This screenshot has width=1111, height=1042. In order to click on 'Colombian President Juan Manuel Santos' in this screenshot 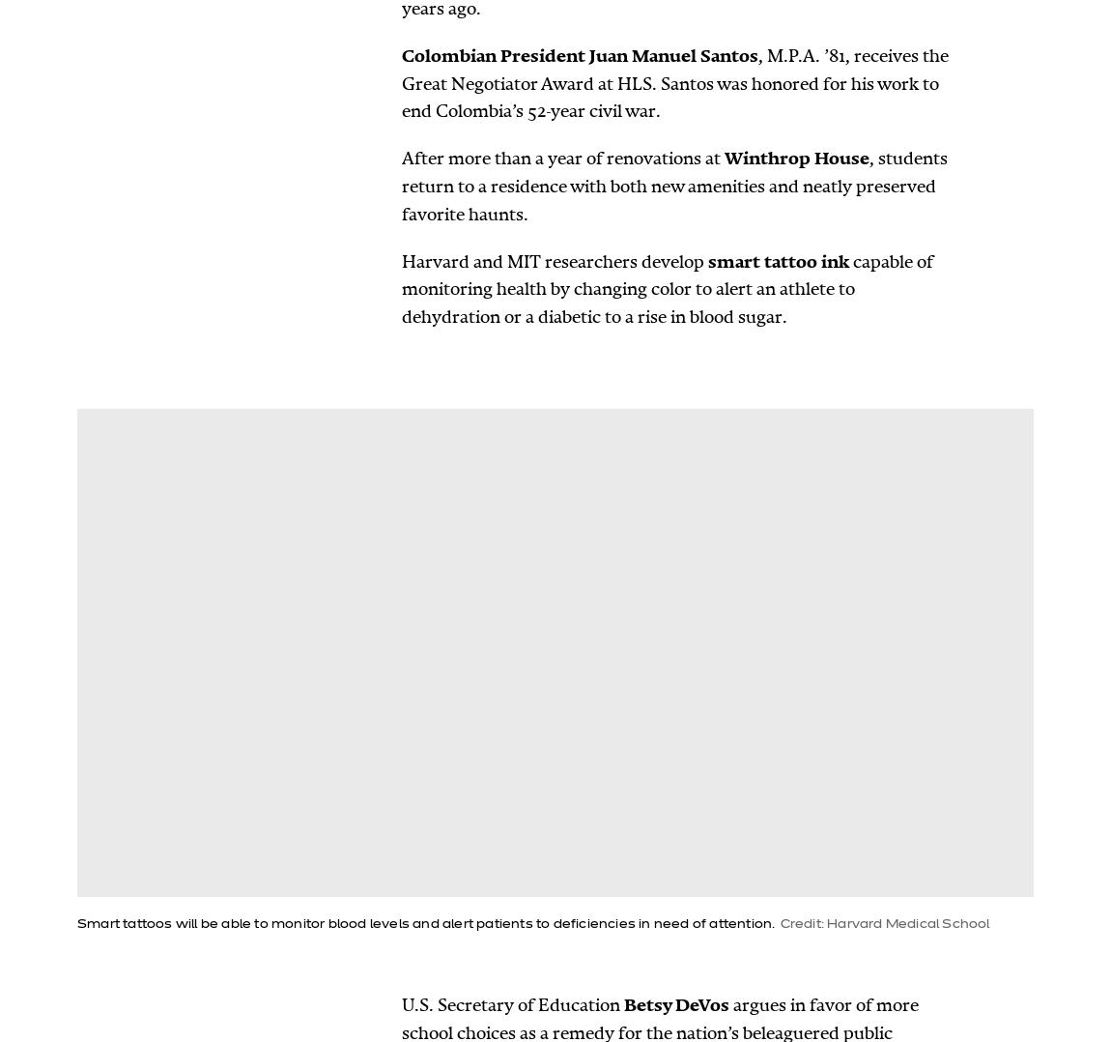, I will do `click(579, 55)`.